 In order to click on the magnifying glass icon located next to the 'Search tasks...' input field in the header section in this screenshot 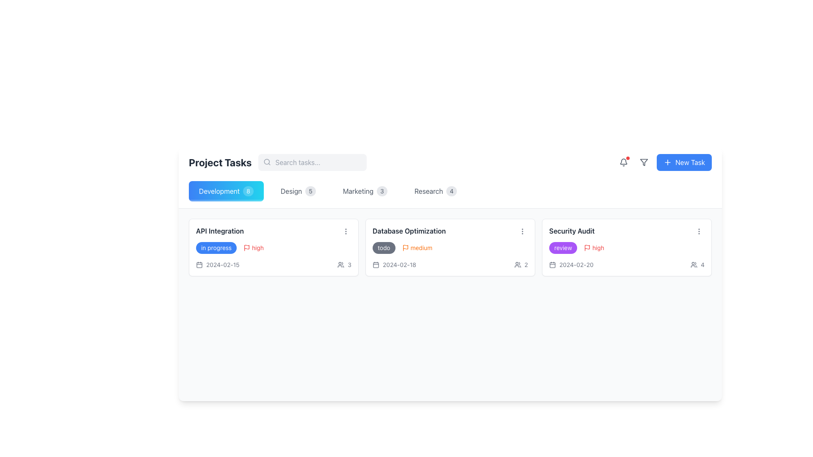, I will do `click(278, 162)`.